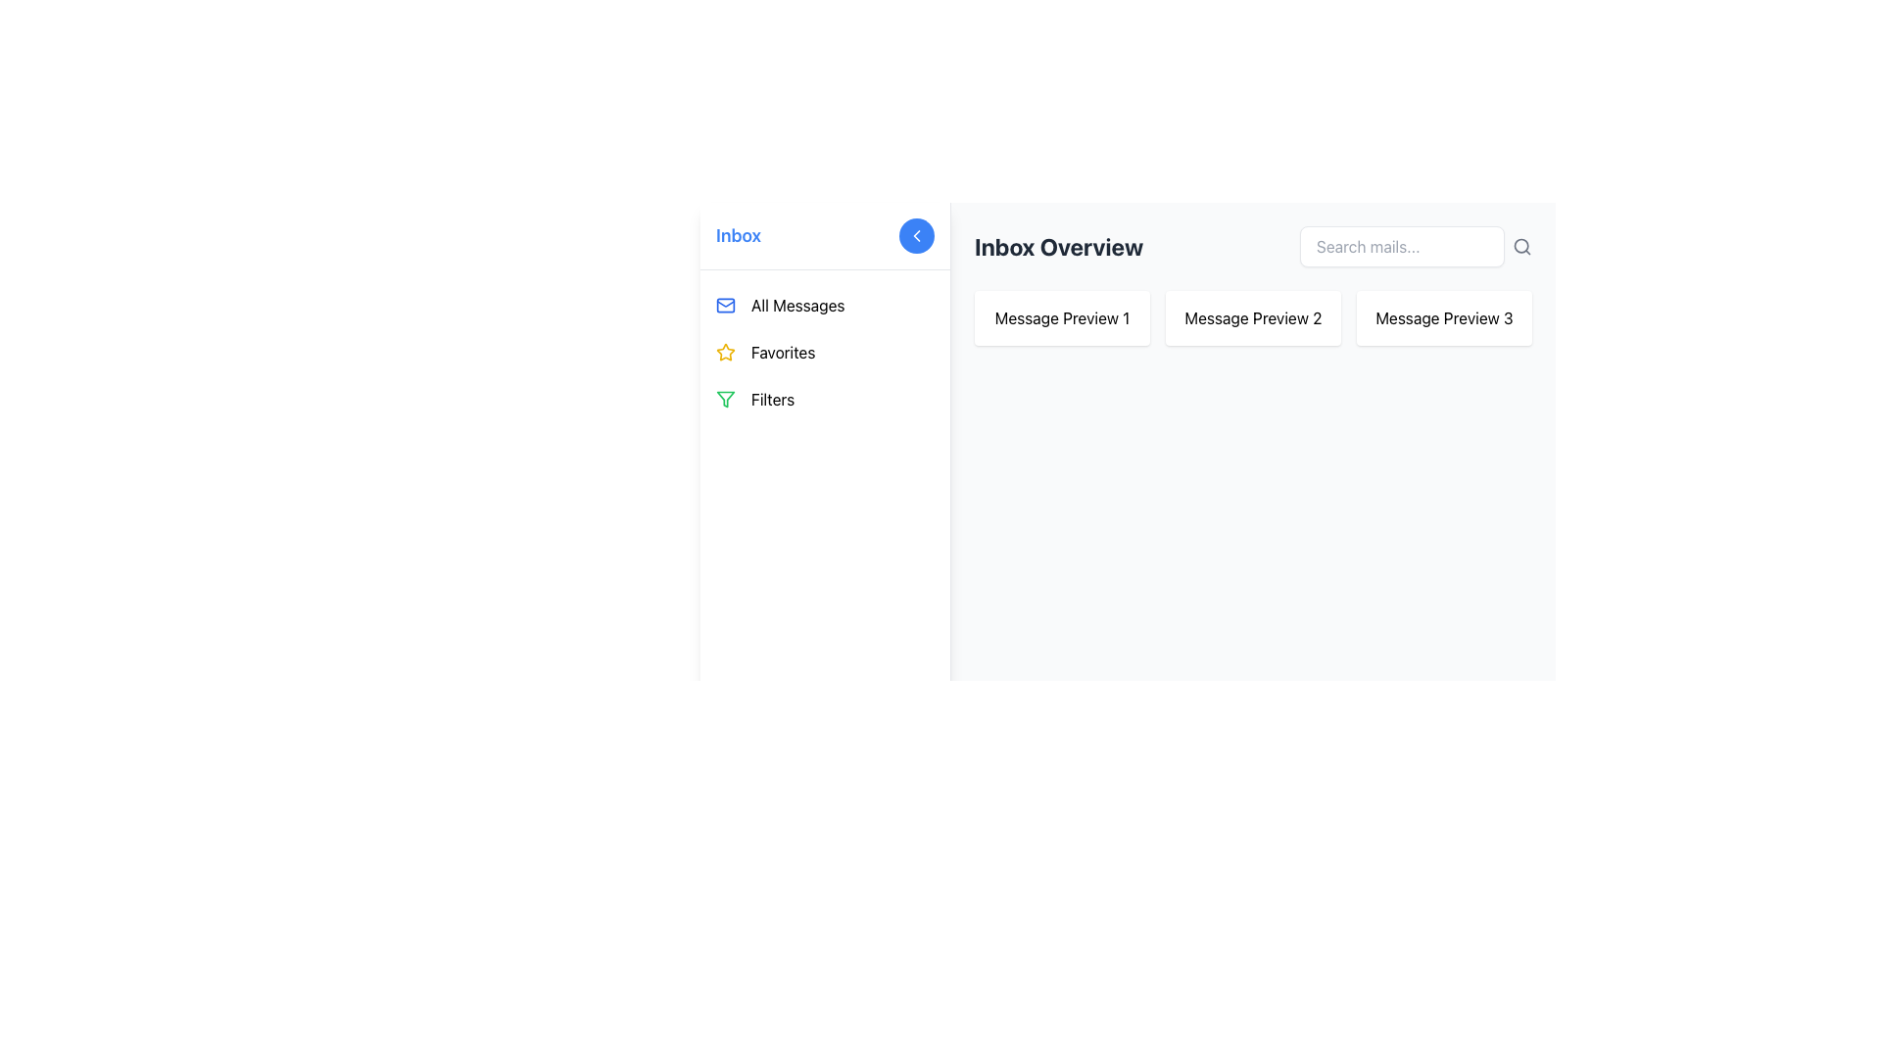  I want to click on the middle button-like card in the 'Inbox Overview' section, so click(1252, 316).